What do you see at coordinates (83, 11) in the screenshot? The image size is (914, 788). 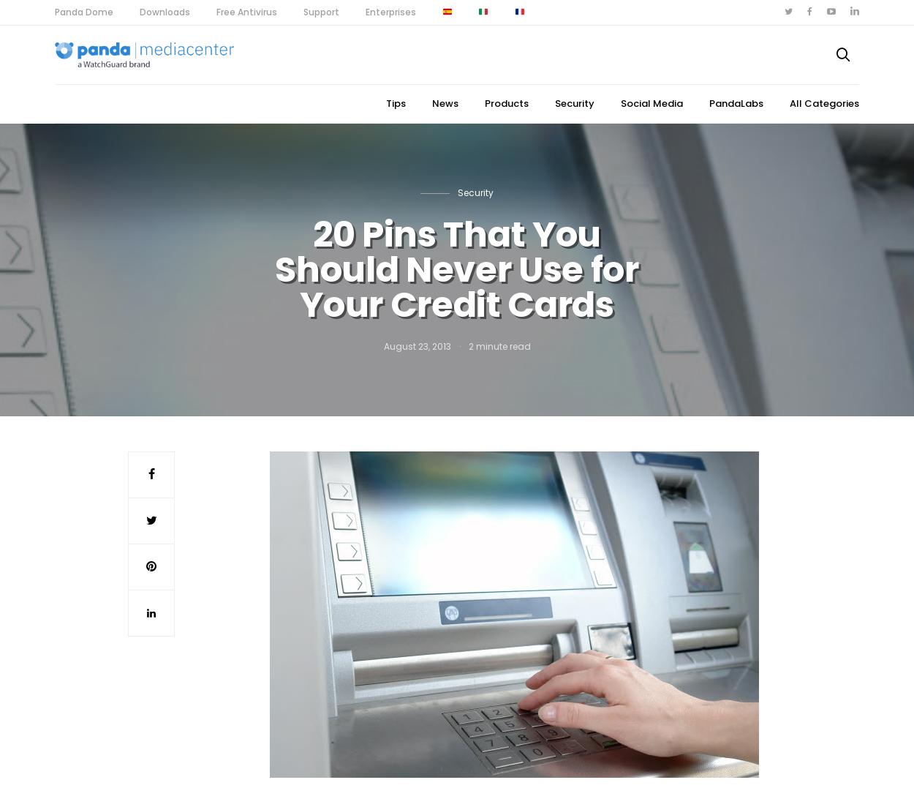 I see `'Panda Dome'` at bounding box center [83, 11].